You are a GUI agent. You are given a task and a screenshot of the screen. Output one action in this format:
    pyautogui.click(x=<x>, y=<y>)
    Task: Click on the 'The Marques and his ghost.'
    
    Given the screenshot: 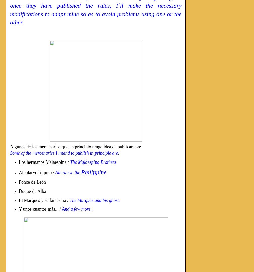 What is the action you would take?
    pyautogui.click(x=94, y=200)
    